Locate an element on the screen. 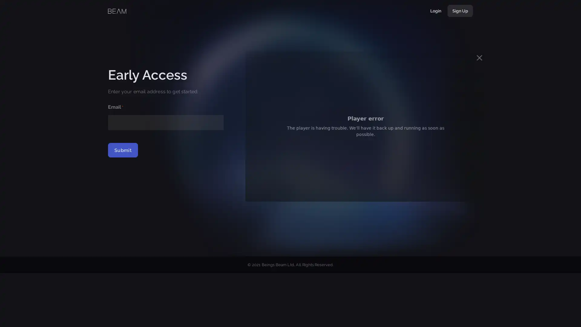 This screenshot has height=327, width=581. Submit is located at coordinates (123, 150).